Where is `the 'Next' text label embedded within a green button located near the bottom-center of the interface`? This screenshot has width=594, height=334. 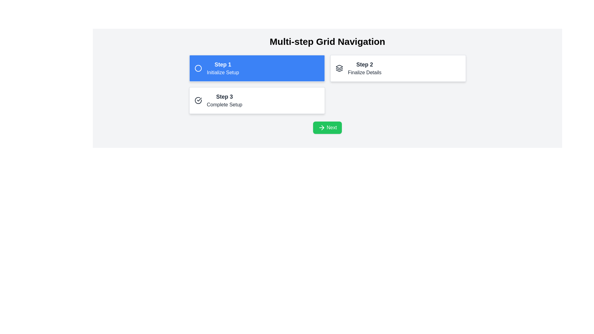 the 'Next' text label embedded within a green button located near the bottom-center of the interface is located at coordinates (331, 127).